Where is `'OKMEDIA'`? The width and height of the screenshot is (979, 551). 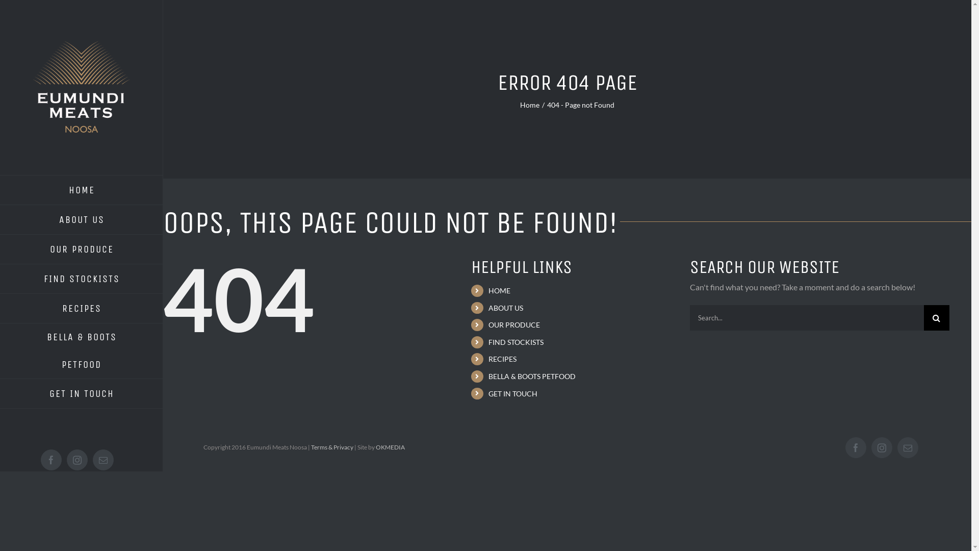
'OKMEDIA' is located at coordinates (390, 446).